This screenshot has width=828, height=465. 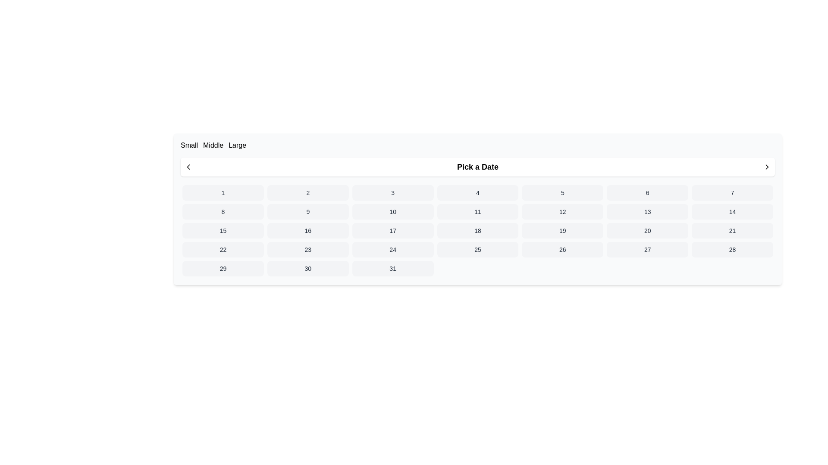 What do you see at coordinates (647, 212) in the screenshot?
I see `the selectable date button representing '13' in the calendar component located at the center-bottom region of the interface` at bounding box center [647, 212].